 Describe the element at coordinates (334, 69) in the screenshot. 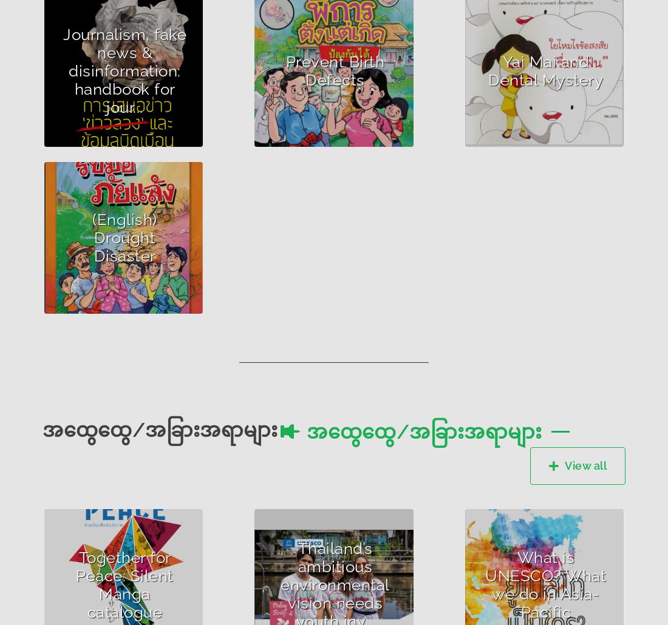

I see `'Prevent Birth Defects'` at that location.